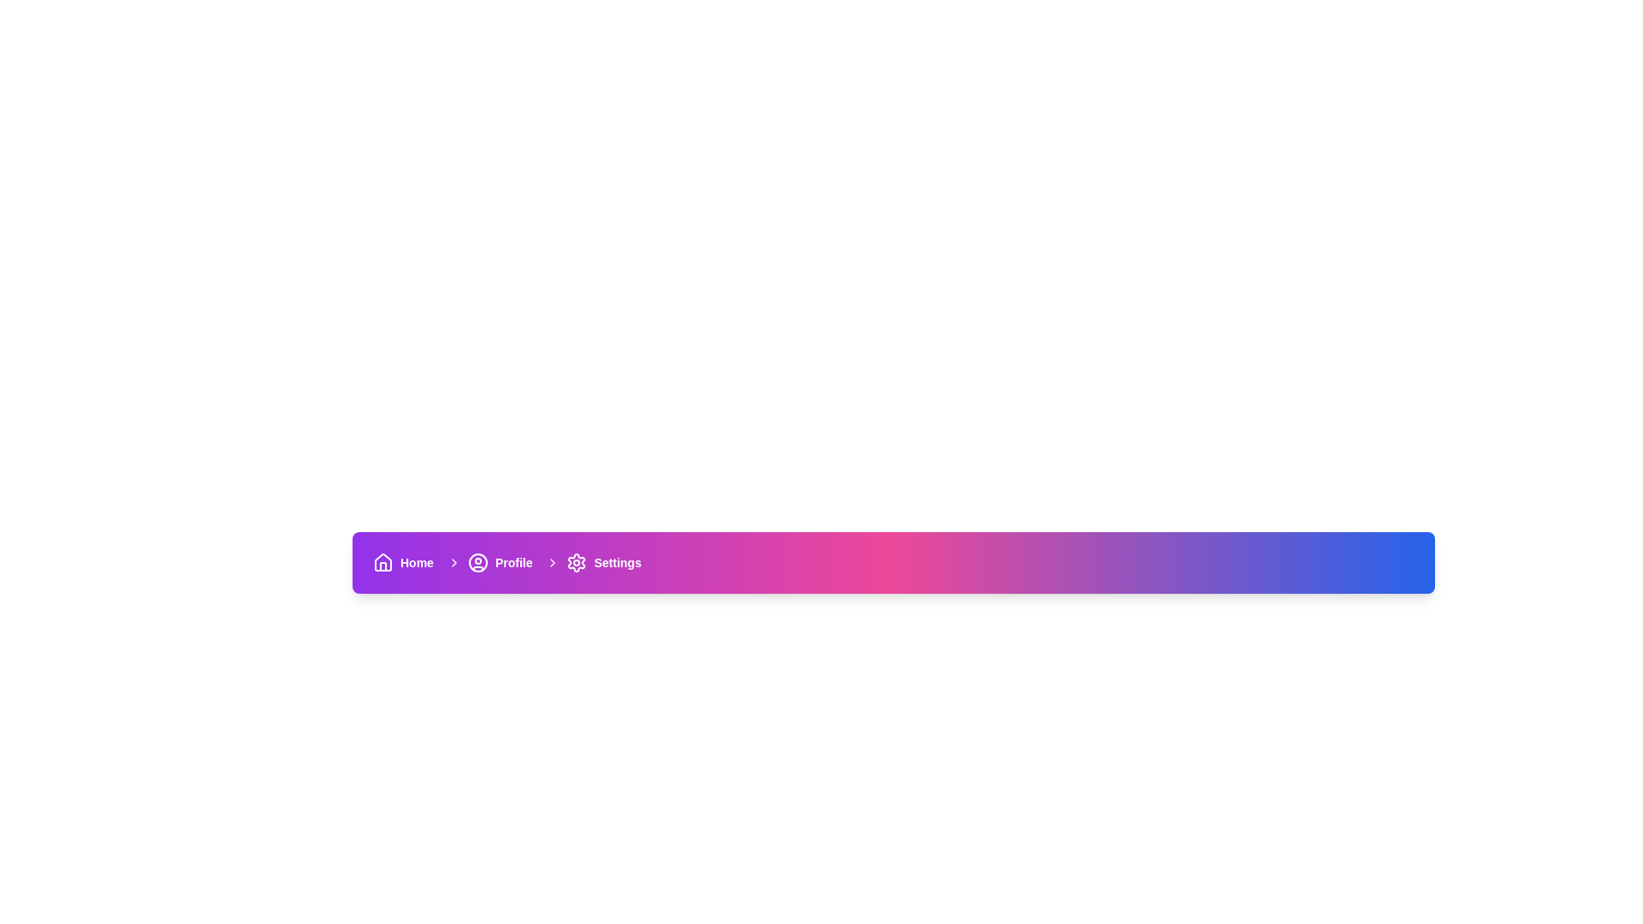 The image size is (1643, 924). What do you see at coordinates (603, 563) in the screenshot?
I see `the interactive navigation link for 'Settings' located at the far-right of the horizontal navigation bar` at bounding box center [603, 563].